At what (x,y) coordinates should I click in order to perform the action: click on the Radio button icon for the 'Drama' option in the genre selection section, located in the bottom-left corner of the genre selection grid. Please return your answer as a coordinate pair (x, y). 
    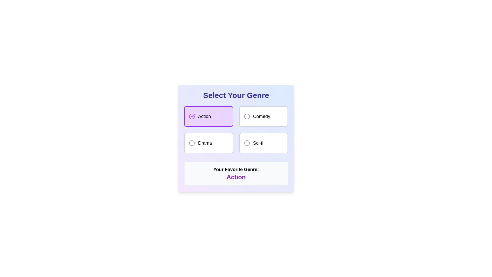
    Looking at the image, I should click on (191, 143).